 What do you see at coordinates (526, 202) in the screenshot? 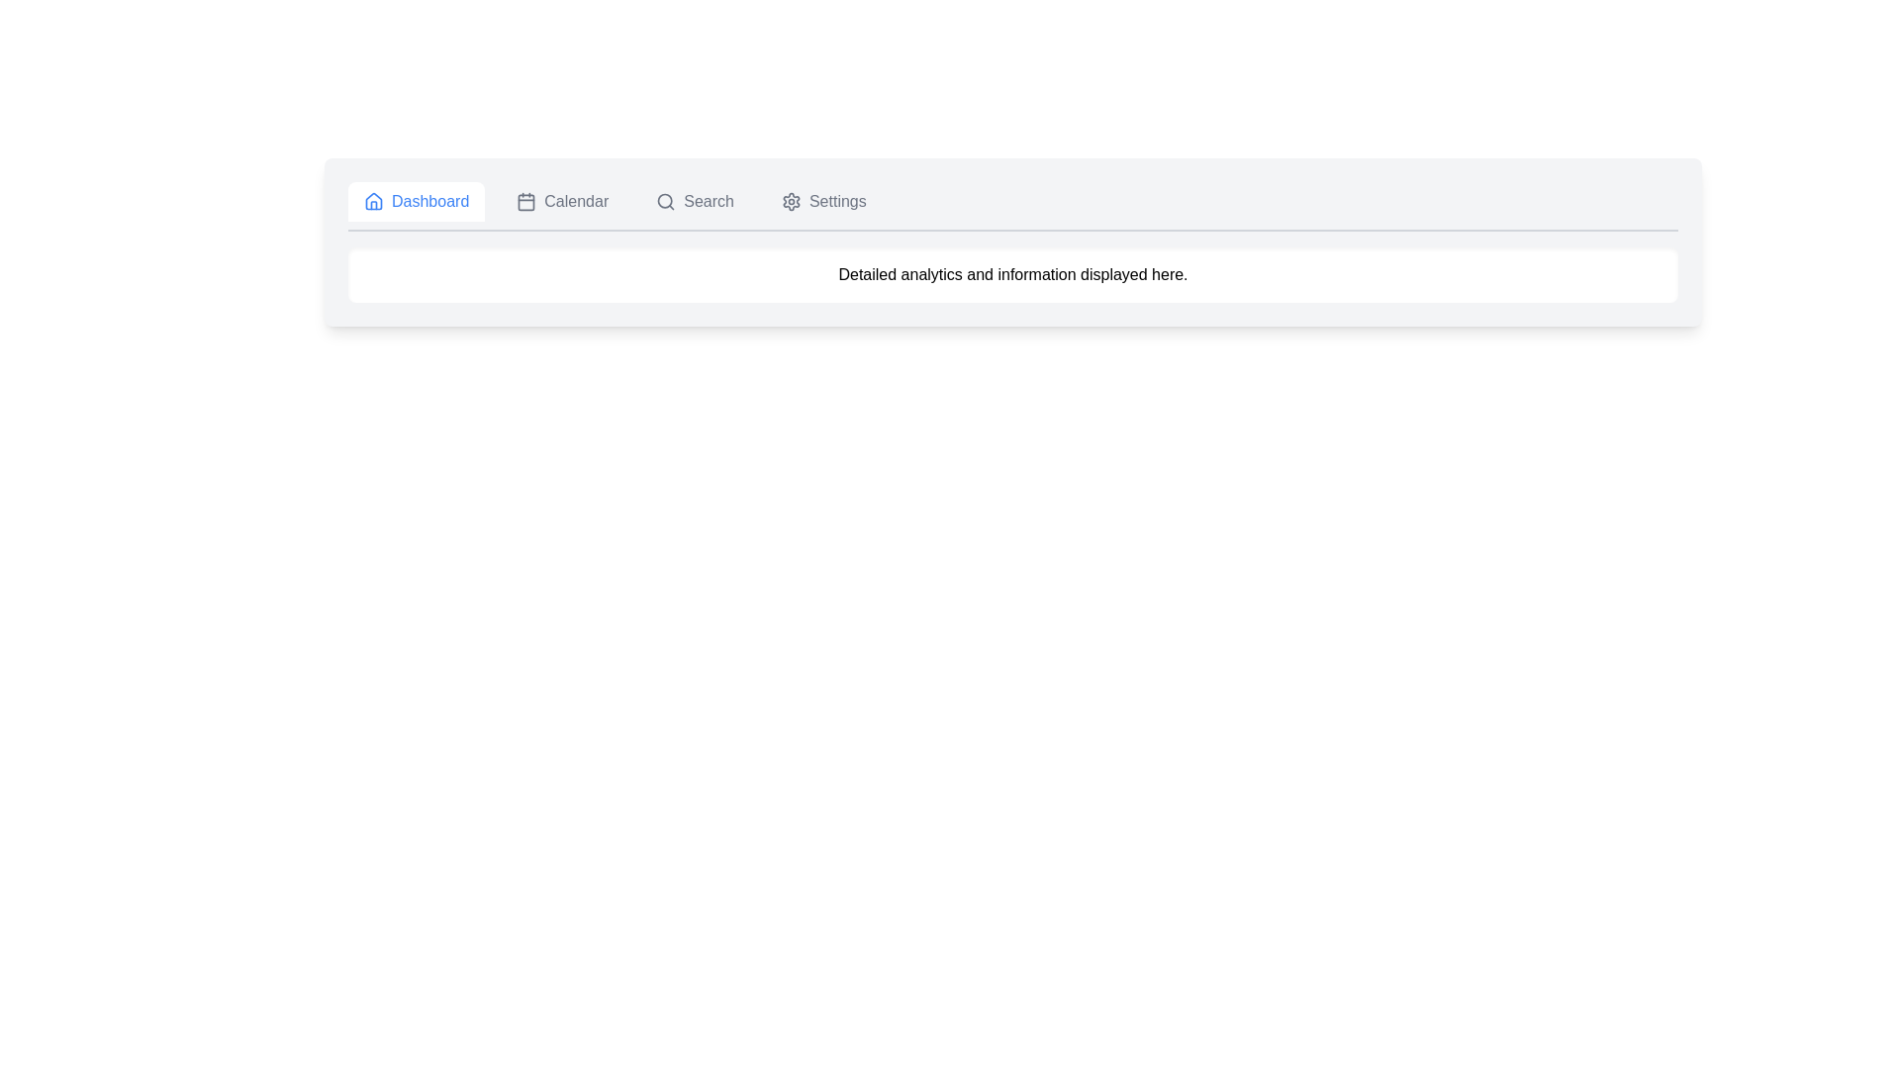
I see `the calendar icon in the navigation bar` at bounding box center [526, 202].